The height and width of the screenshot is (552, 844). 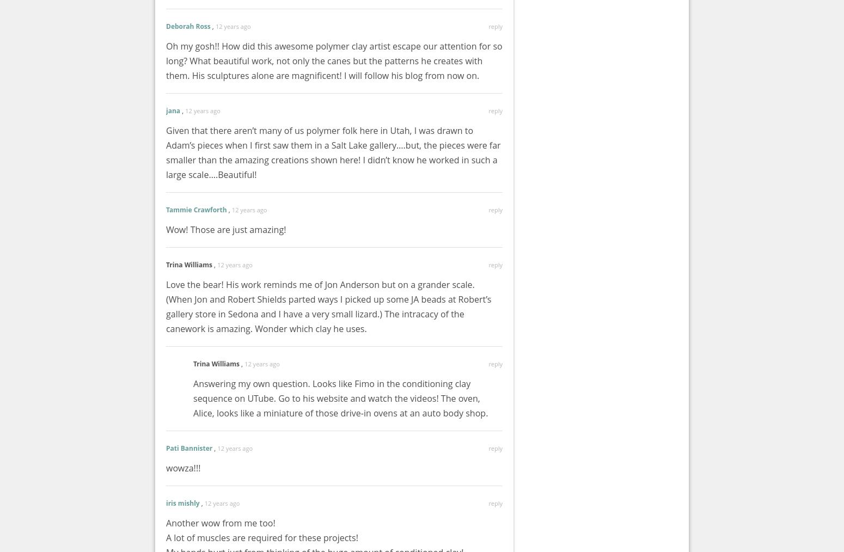 I want to click on 'A lot of muscles are required for these projects!', so click(x=261, y=538).